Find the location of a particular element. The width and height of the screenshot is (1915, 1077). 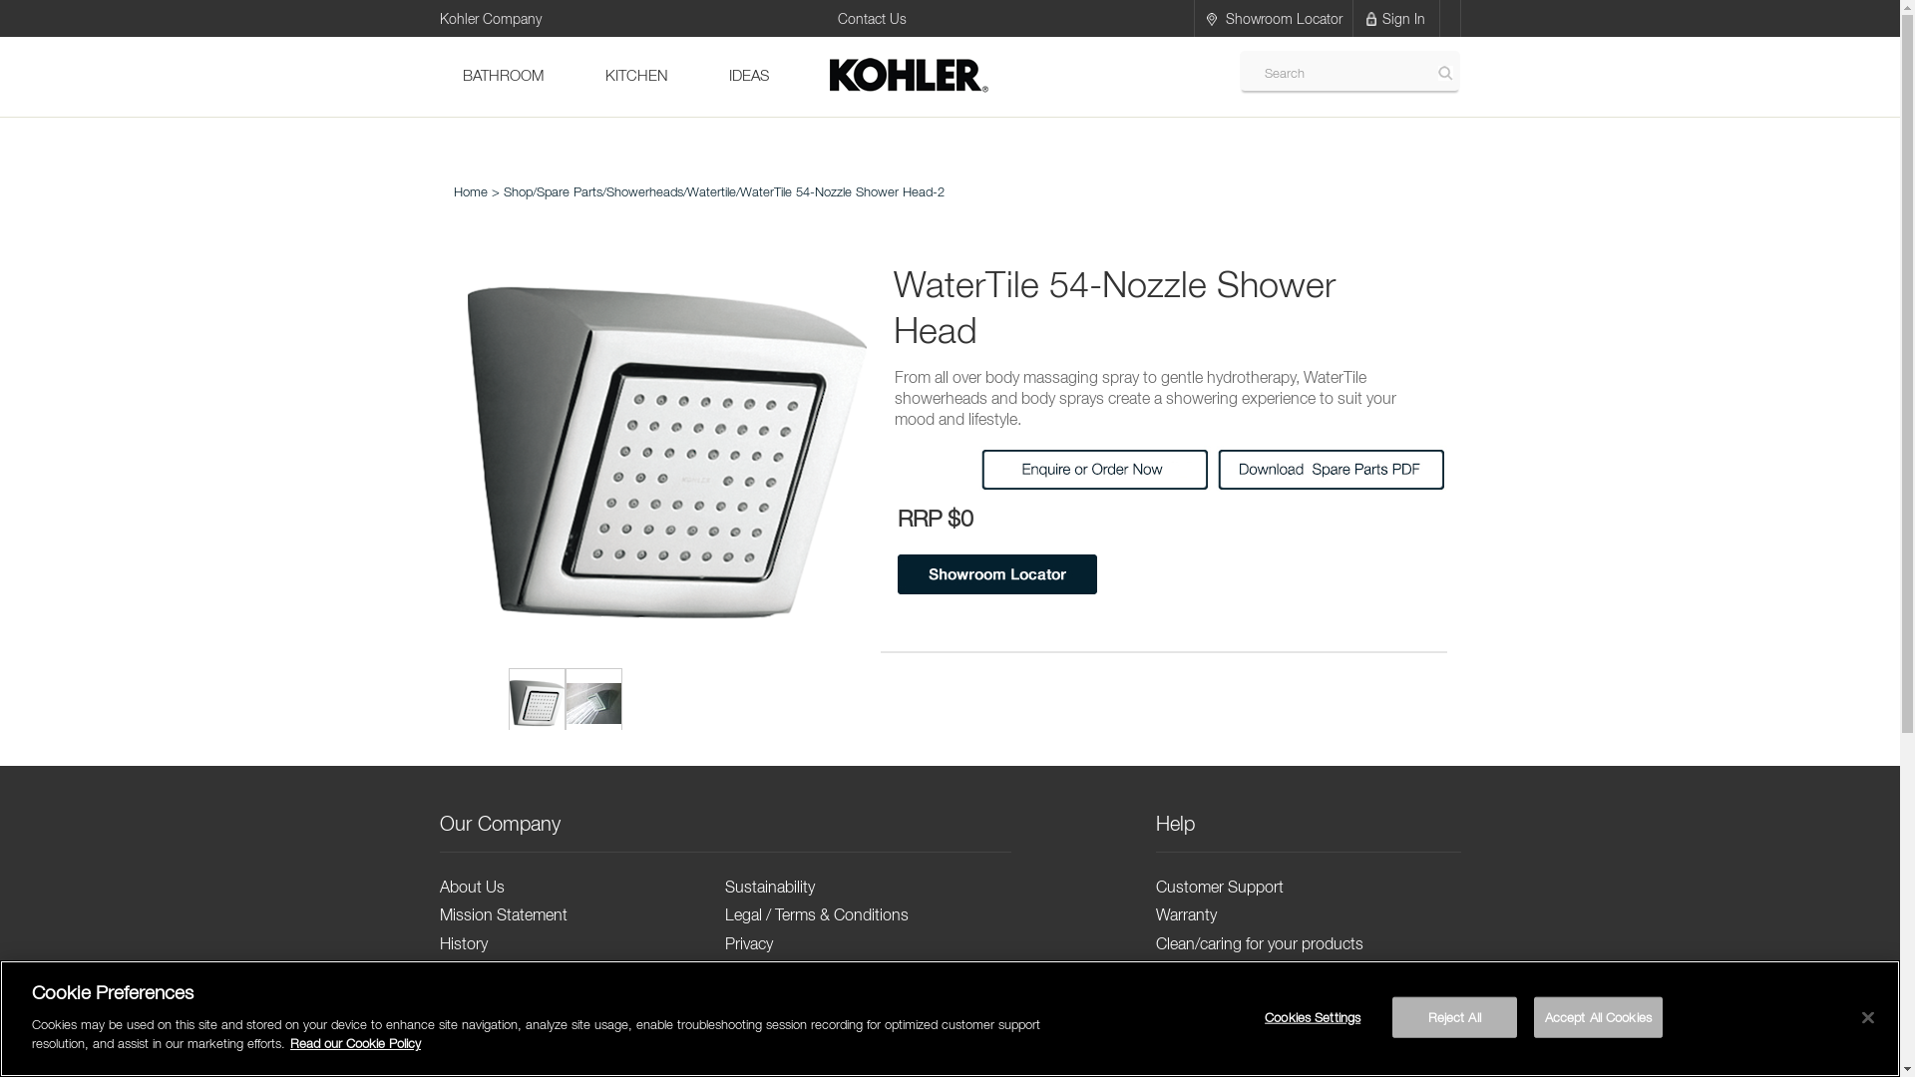

'KITCHEN' is located at coordinates (635, 76).